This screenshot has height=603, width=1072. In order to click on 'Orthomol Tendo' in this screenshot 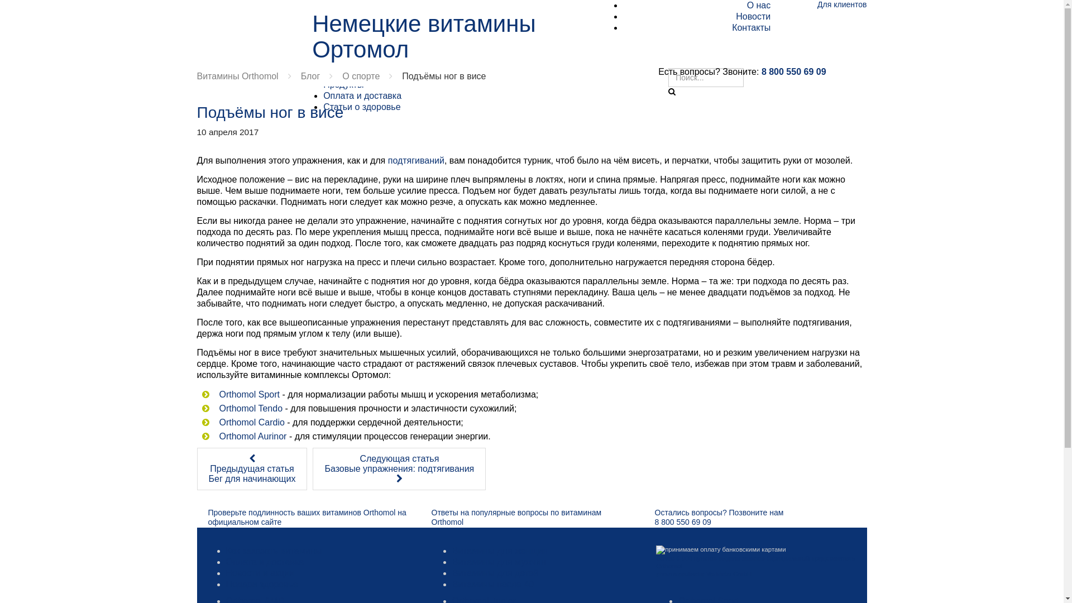, I will do `click(250, 408)`.